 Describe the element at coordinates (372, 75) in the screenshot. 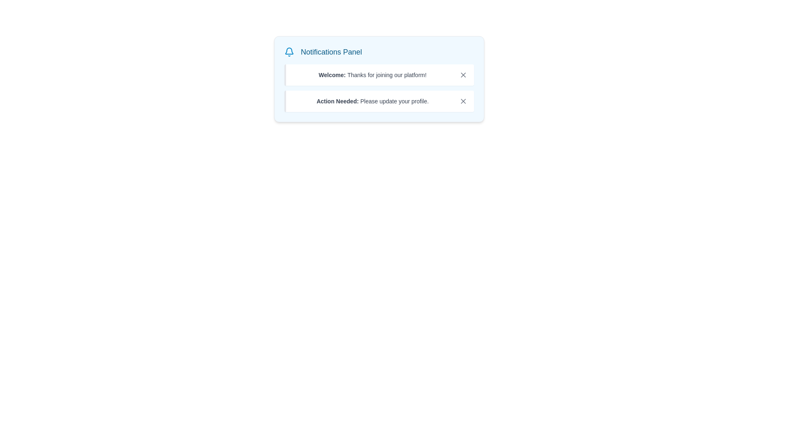

I see `the welcoming message displayed in the notification box, which indicates successful registration or initial access` at that location.